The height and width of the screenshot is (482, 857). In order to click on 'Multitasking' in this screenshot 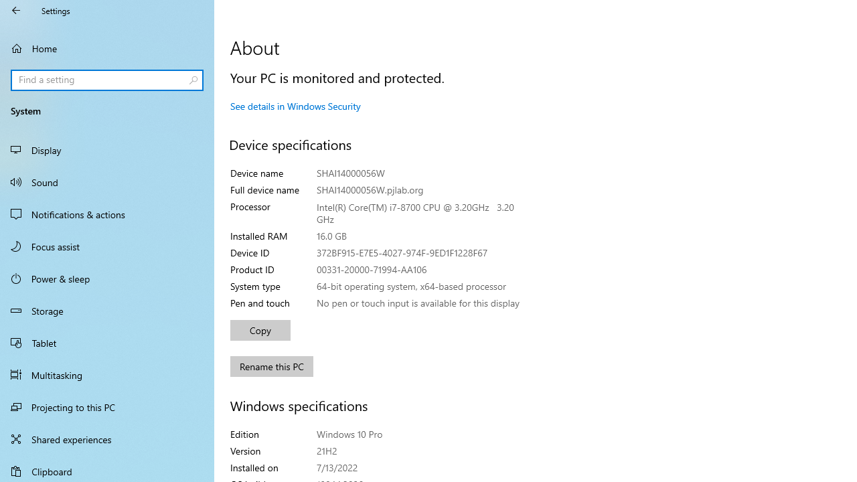, I will do `click(107, 374)`.